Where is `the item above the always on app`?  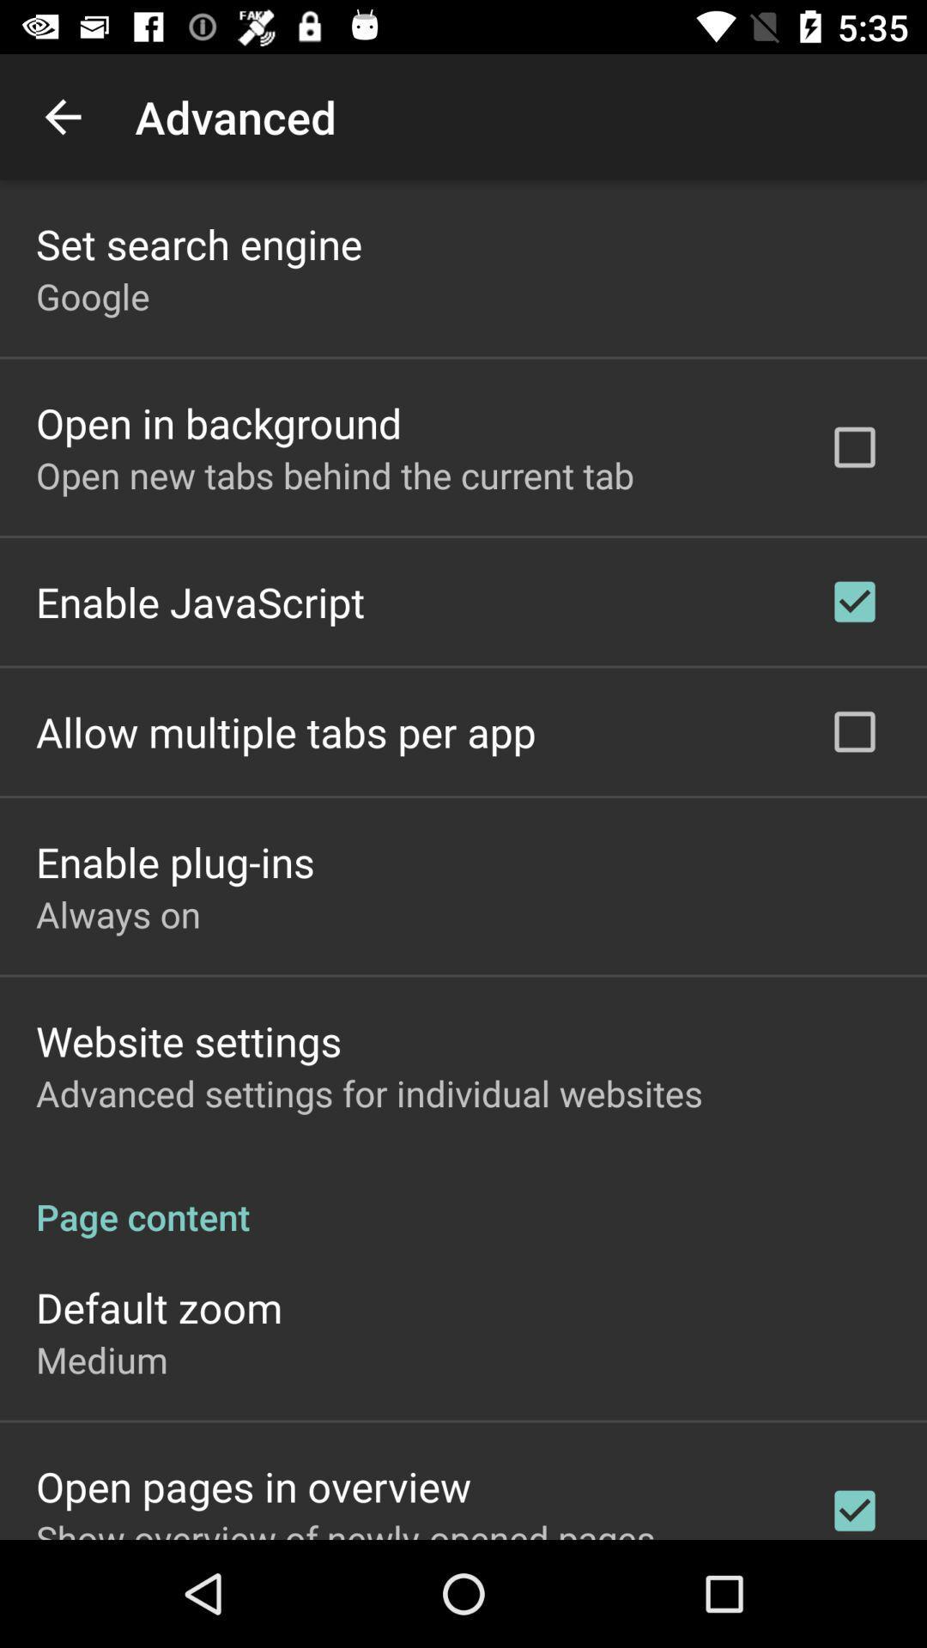 the item above the always on app is located at coordinates (175, 862).